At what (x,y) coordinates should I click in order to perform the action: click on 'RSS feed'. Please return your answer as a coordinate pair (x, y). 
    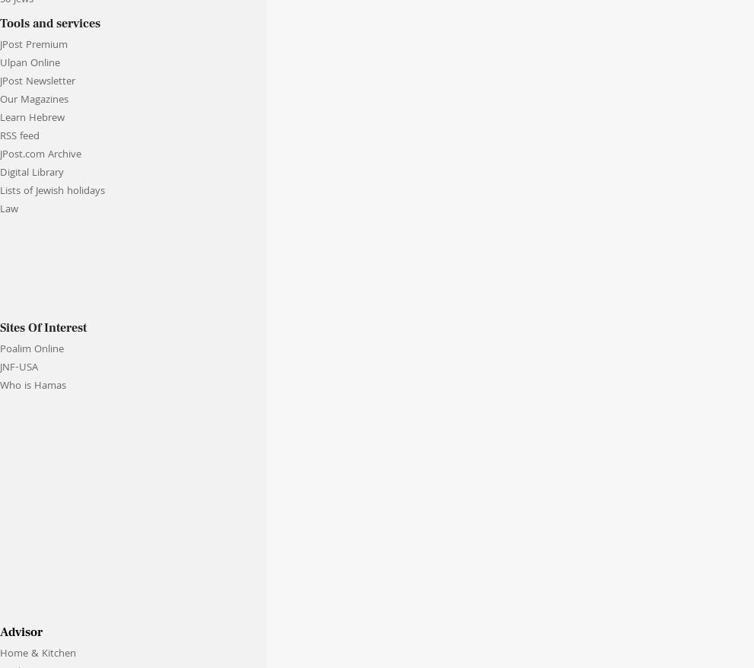
    Looking at the image, I should click on (18, 135).